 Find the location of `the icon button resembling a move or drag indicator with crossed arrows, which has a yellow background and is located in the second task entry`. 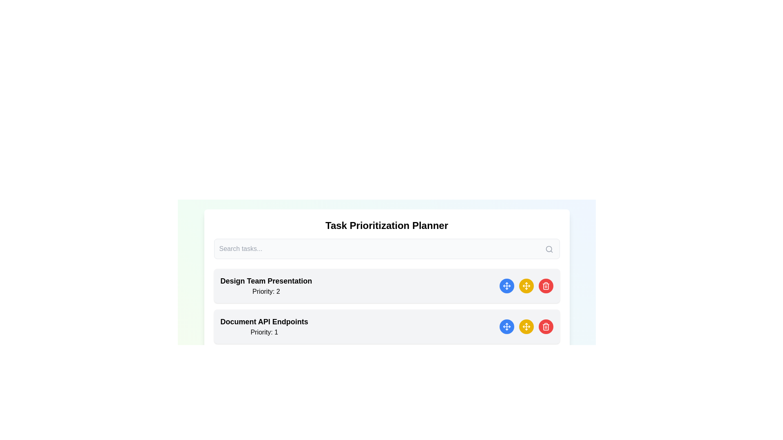

the icon button resembling a move or drag indicator with crossed arrows, which has a yellow background and is located in the second task entry is located at coordinates (526, 326).